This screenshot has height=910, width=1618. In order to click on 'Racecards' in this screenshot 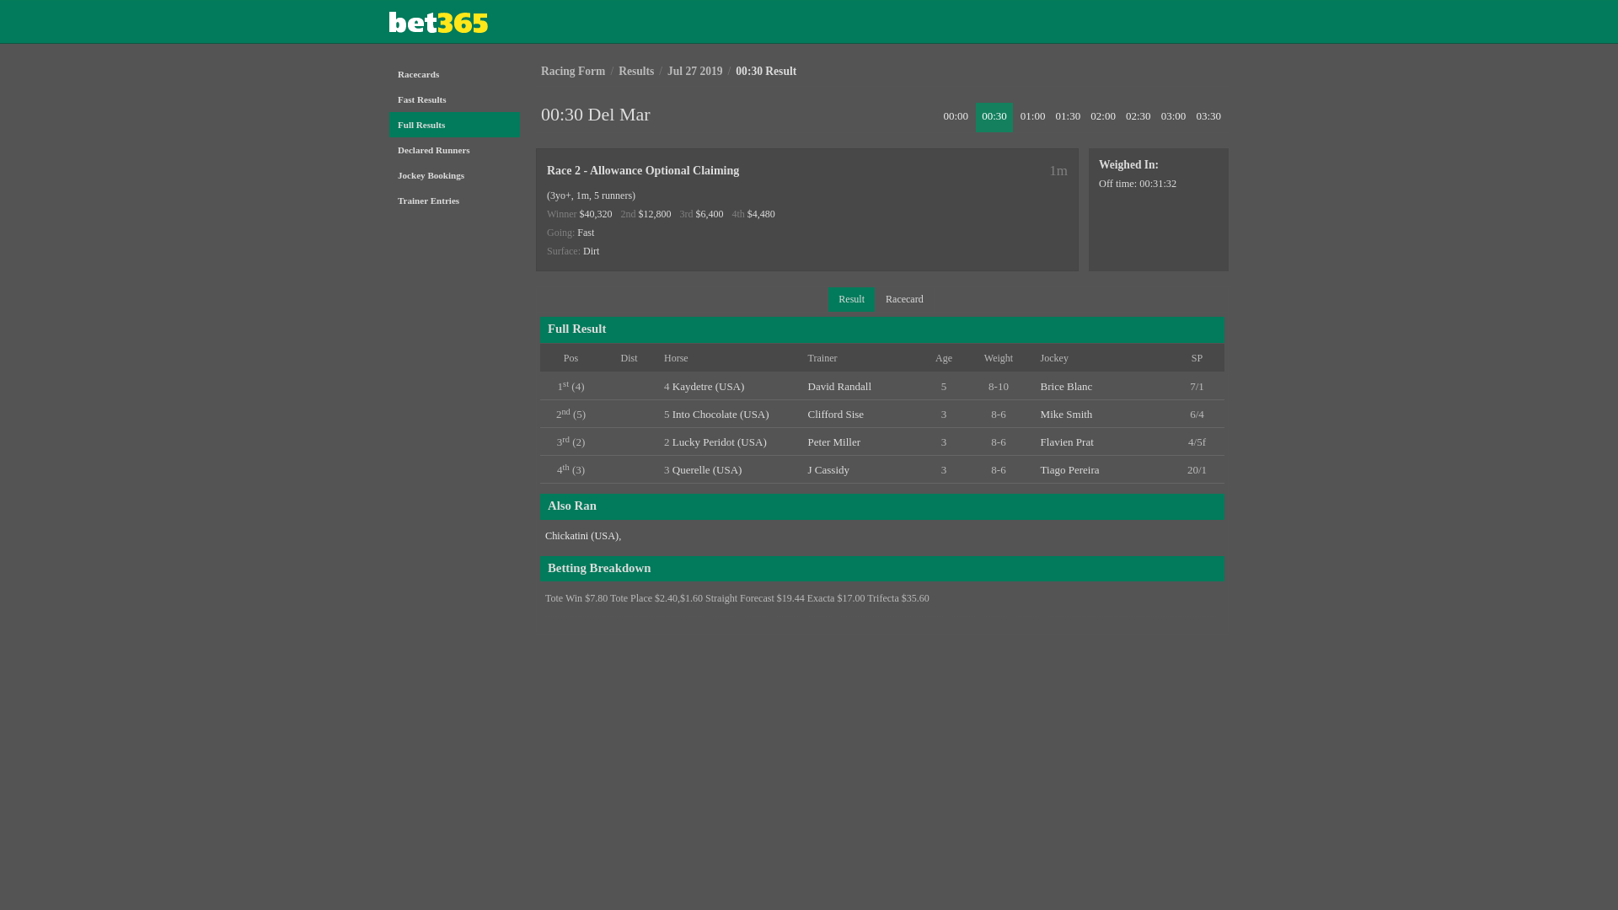, I will do `click(454, 73)`.